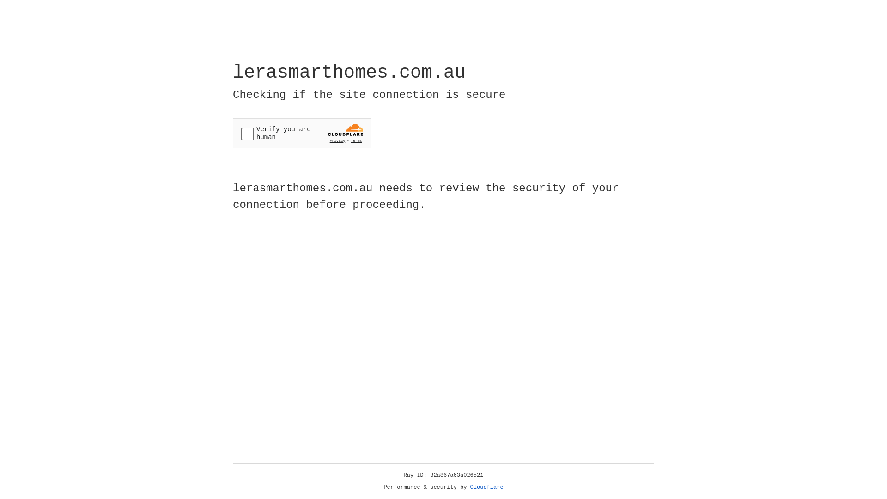 The image size is (887, 499). I want to click on 'Widget containing a Cloudflare security challenge', so click(302, 133).